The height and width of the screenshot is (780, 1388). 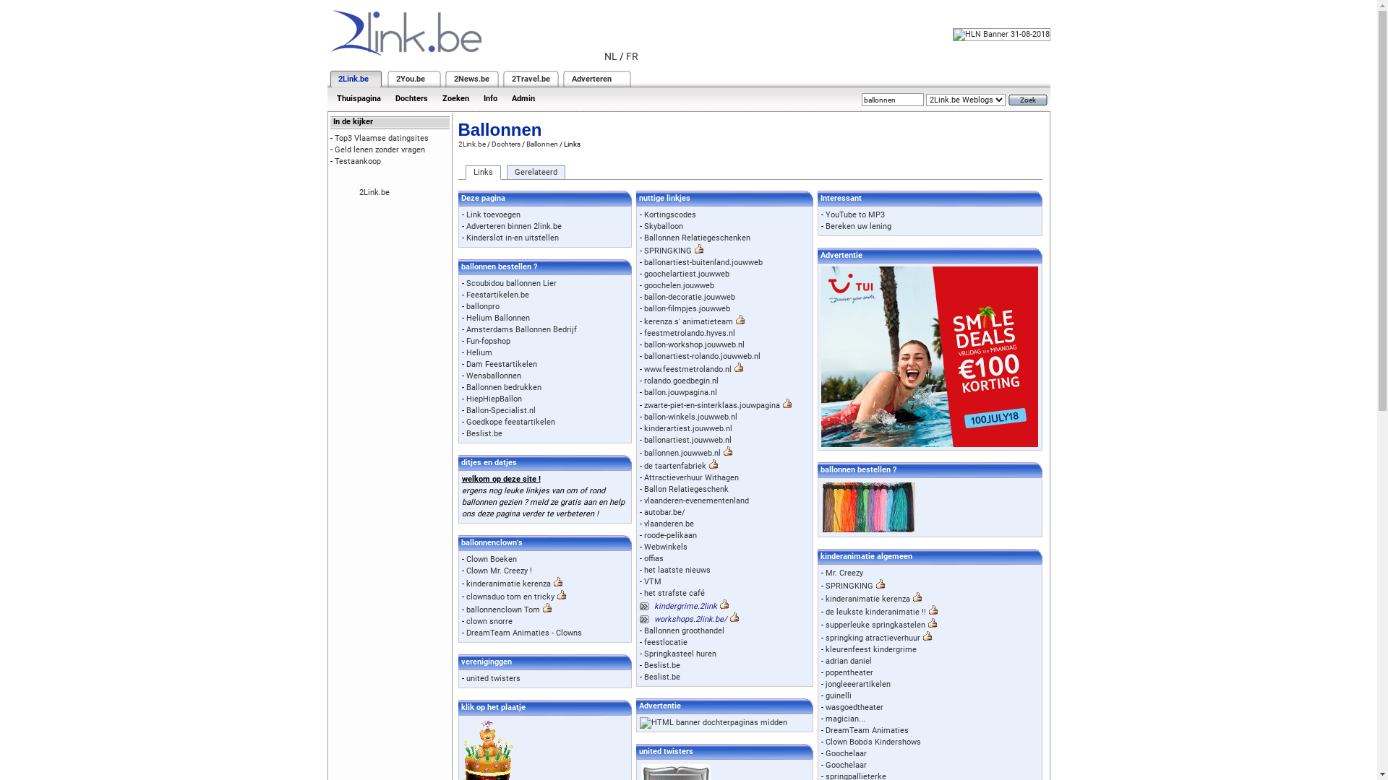 I want to click on 'NL', so click(x=610, y=55).